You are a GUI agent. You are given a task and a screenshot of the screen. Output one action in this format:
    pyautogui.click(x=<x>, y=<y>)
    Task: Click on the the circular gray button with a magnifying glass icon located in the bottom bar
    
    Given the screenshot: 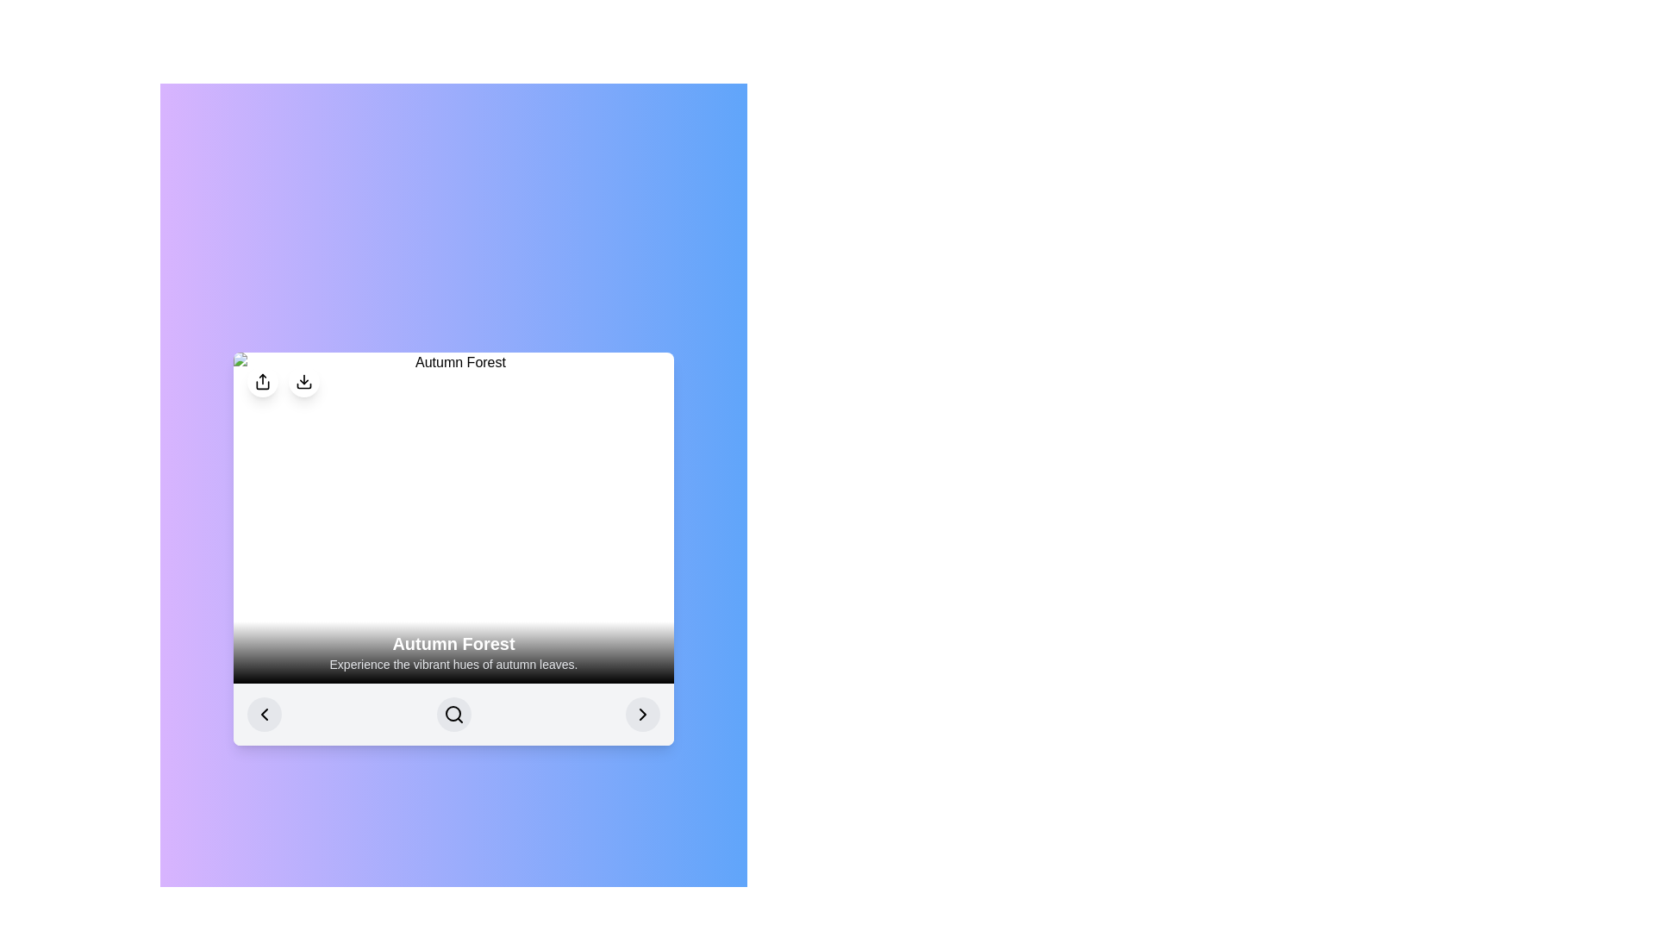 What is the action you would take?
    pyautogui.click(x=453, y=715)
    